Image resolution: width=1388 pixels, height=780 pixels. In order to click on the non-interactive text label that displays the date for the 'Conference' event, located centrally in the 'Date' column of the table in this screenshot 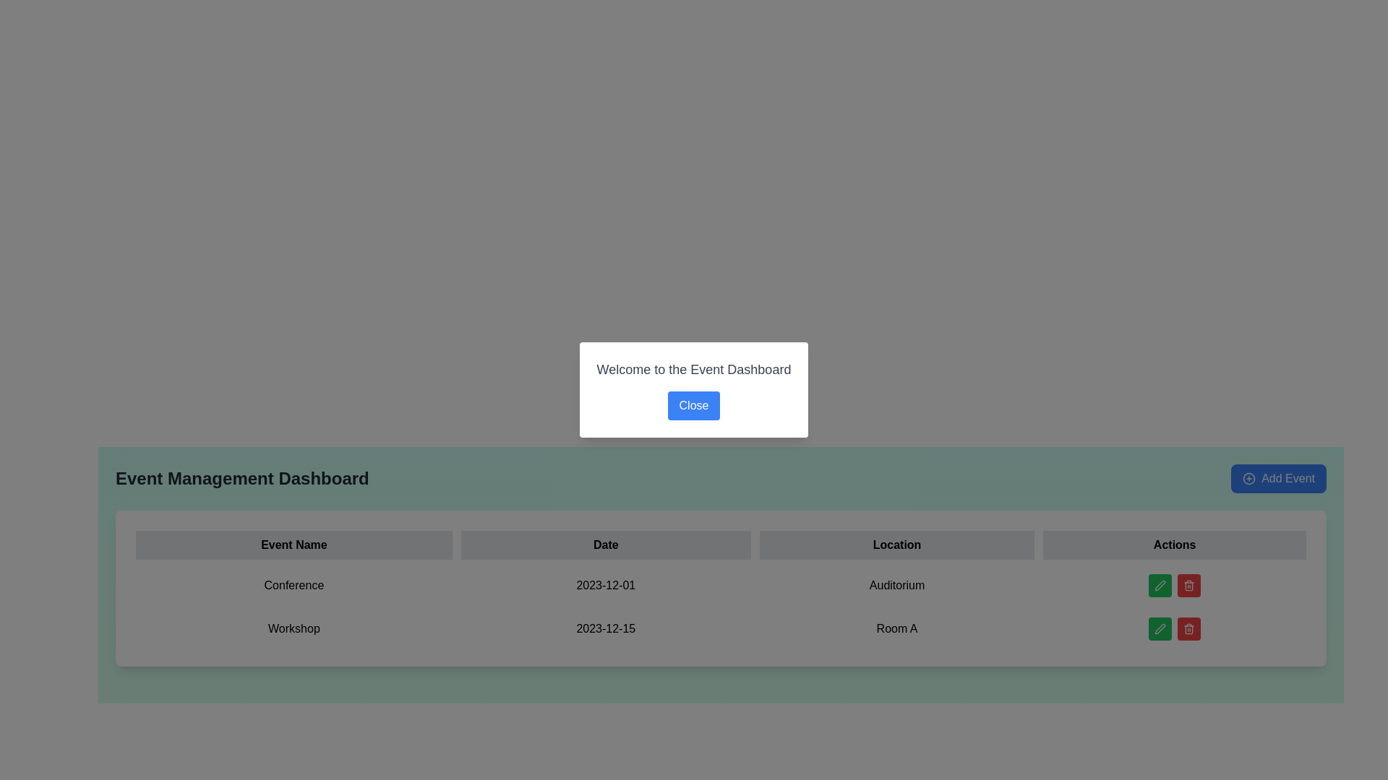, I will do `click(606, 585)`.